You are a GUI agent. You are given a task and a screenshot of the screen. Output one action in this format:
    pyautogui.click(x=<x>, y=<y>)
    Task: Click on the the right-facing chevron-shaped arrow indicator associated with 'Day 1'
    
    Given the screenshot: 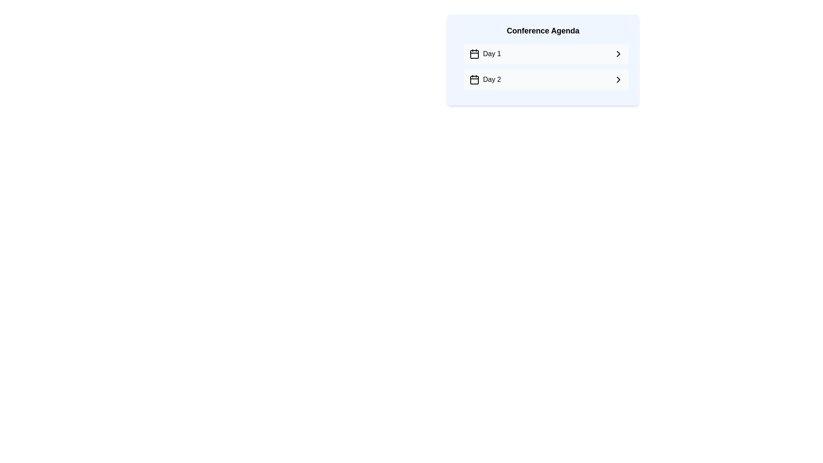 What is the action you would take?
    pyautogui.click(x=619, y=54)
    